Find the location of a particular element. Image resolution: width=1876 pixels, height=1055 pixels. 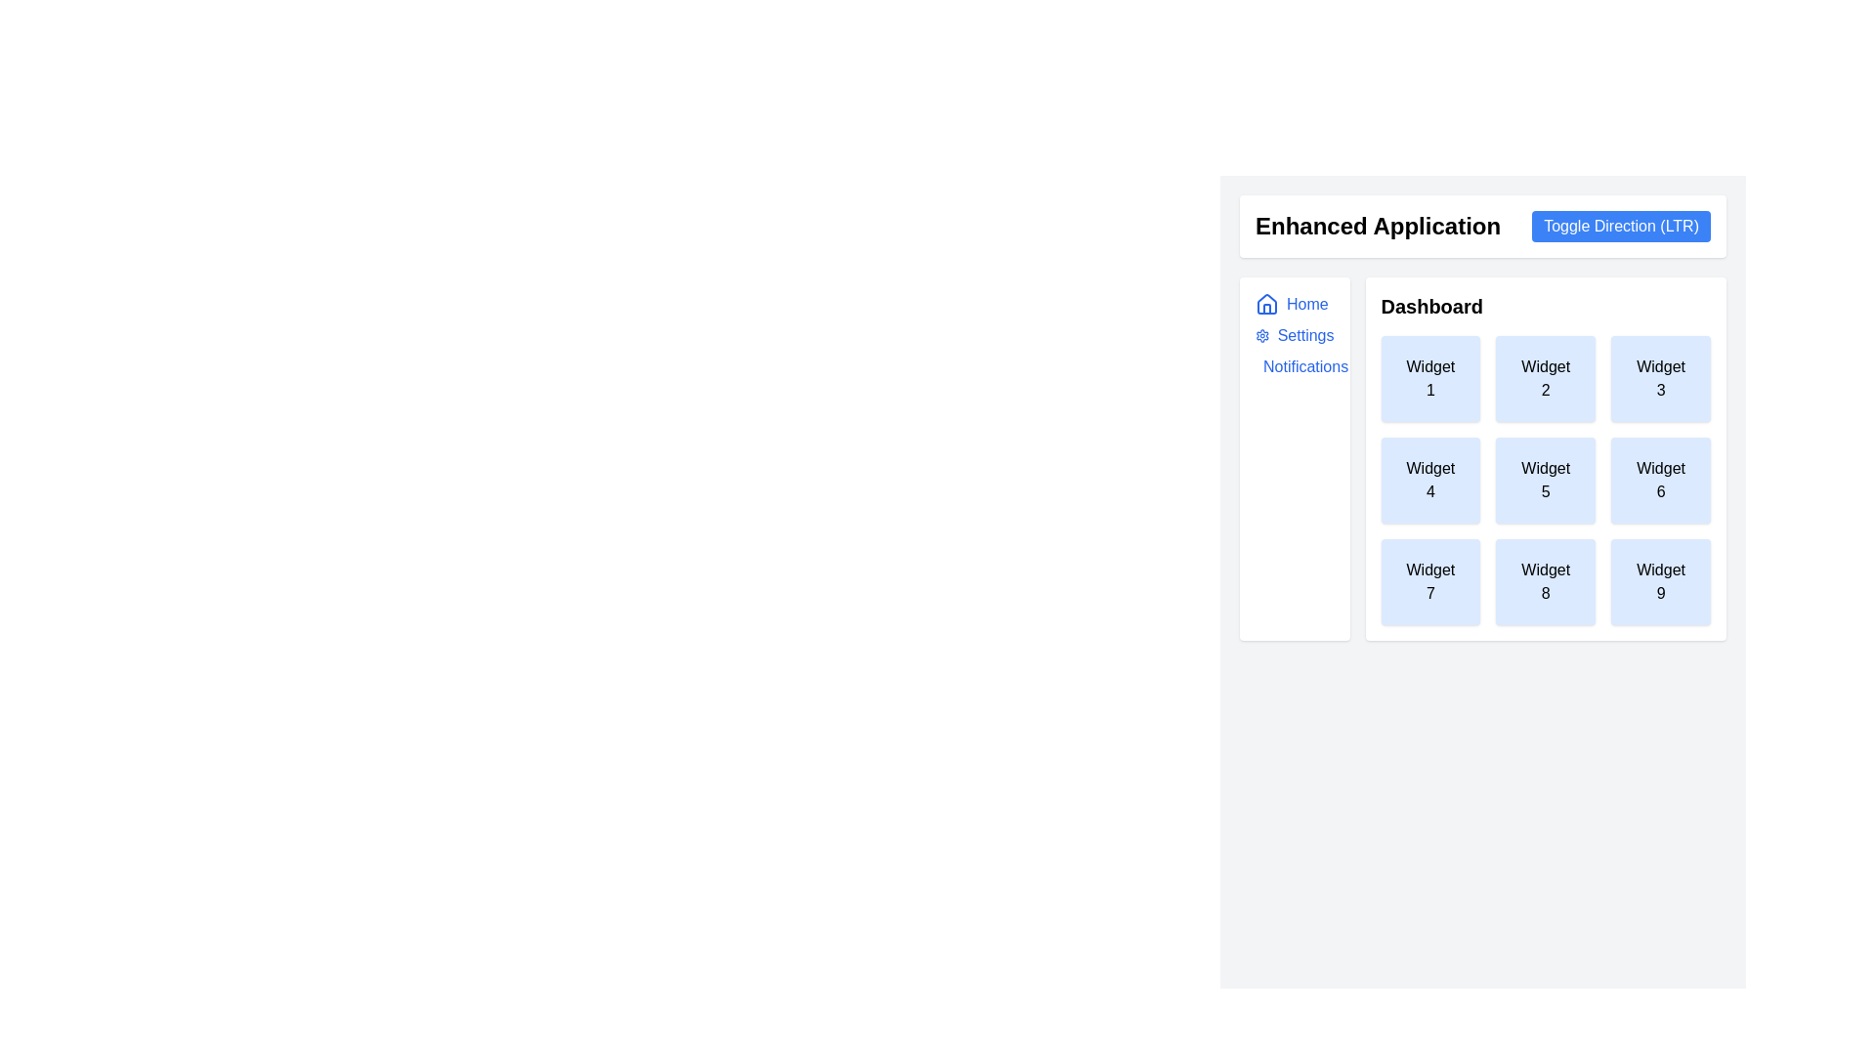

the gear-like settings icon located in the sidebar menu next to the 'Settings' label is located at coordinates (1262, 334).